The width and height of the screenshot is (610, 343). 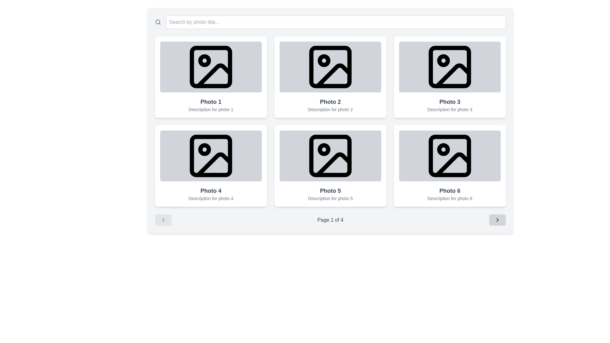 I want to click on the image placeholder icon located at the top center of the grid layout, directly above the text 'Photo 2', so click(x=330, y=67).